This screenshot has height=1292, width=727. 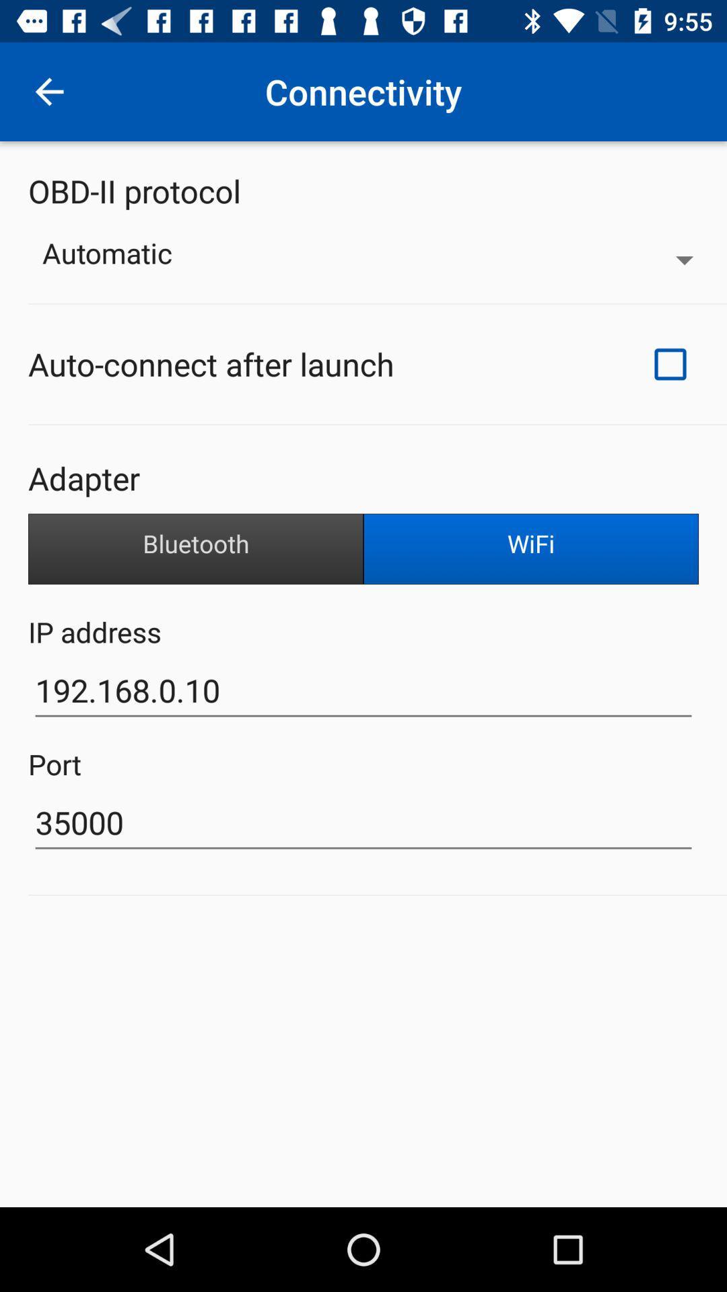 I want to click on the icon next to the connectivity icon, so click(x=48, y=91).